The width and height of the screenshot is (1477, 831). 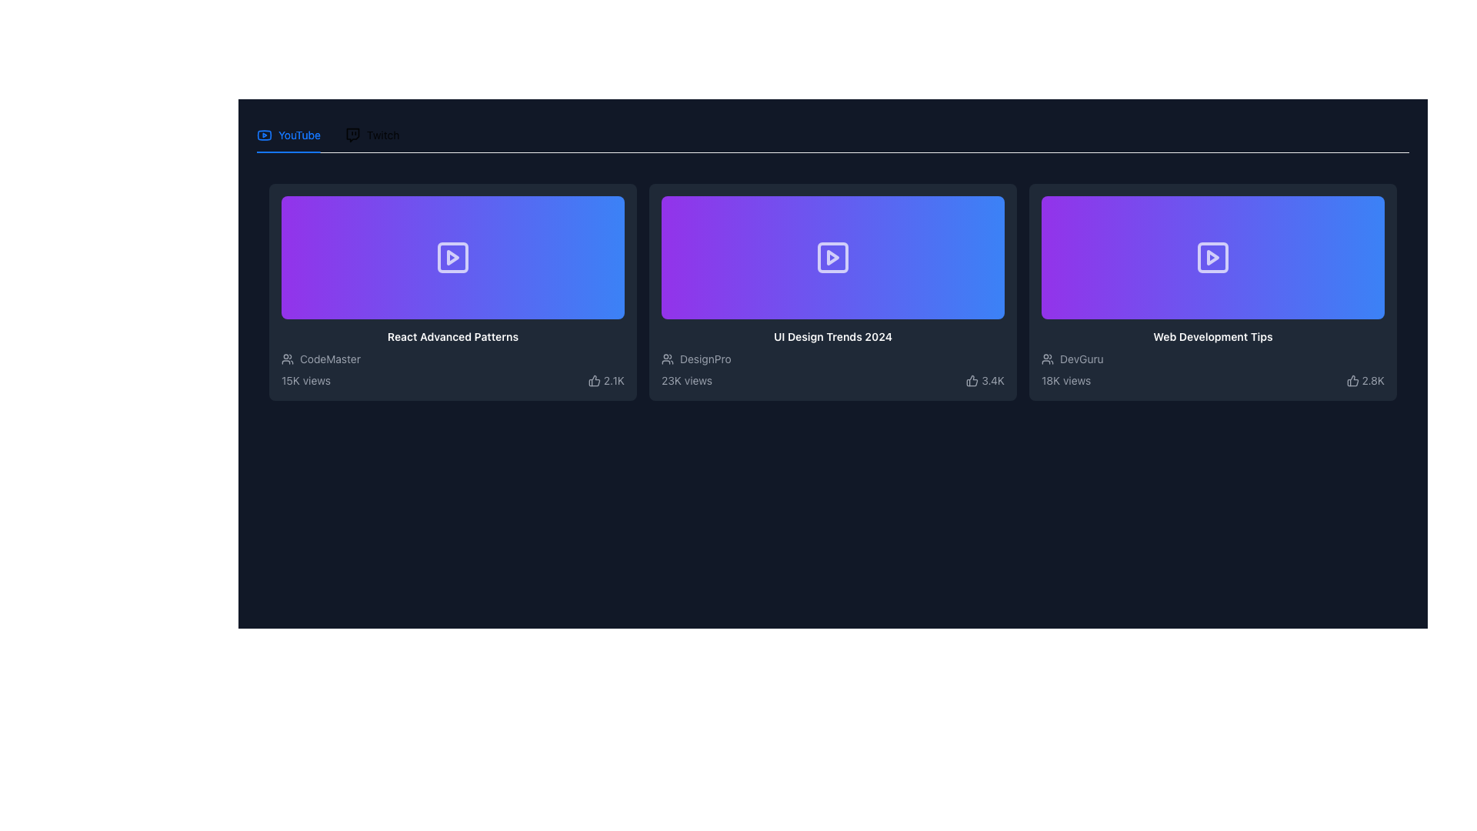 What do you see at coordinates (288, 359) in the screenshot?
I see `the SVG icon representing the user 'CodeMaster'` at bounding box center [288, 359].